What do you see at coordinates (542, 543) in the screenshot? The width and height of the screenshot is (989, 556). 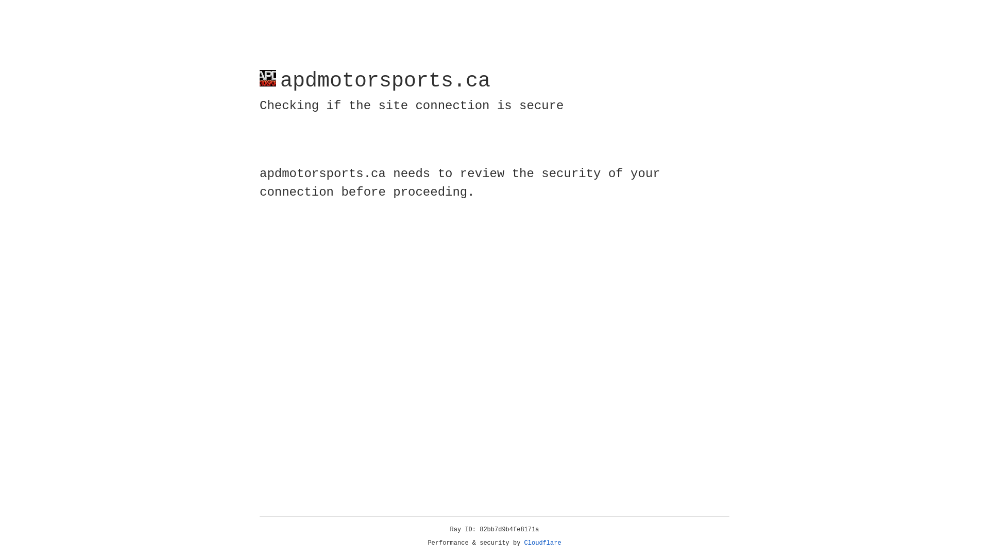 I see `'Cloudflare'` at bounding box center [542, 543].